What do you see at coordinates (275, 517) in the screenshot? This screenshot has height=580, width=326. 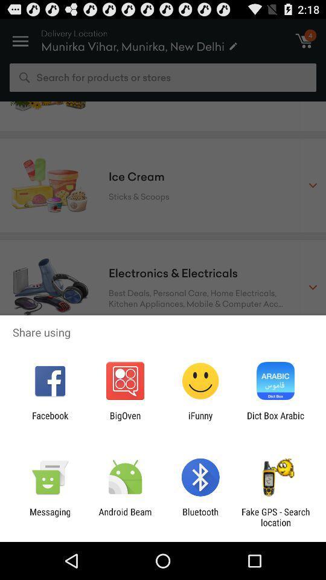 I see `the app to the right of the bluetooth icon` at bounding box center [275, 517].